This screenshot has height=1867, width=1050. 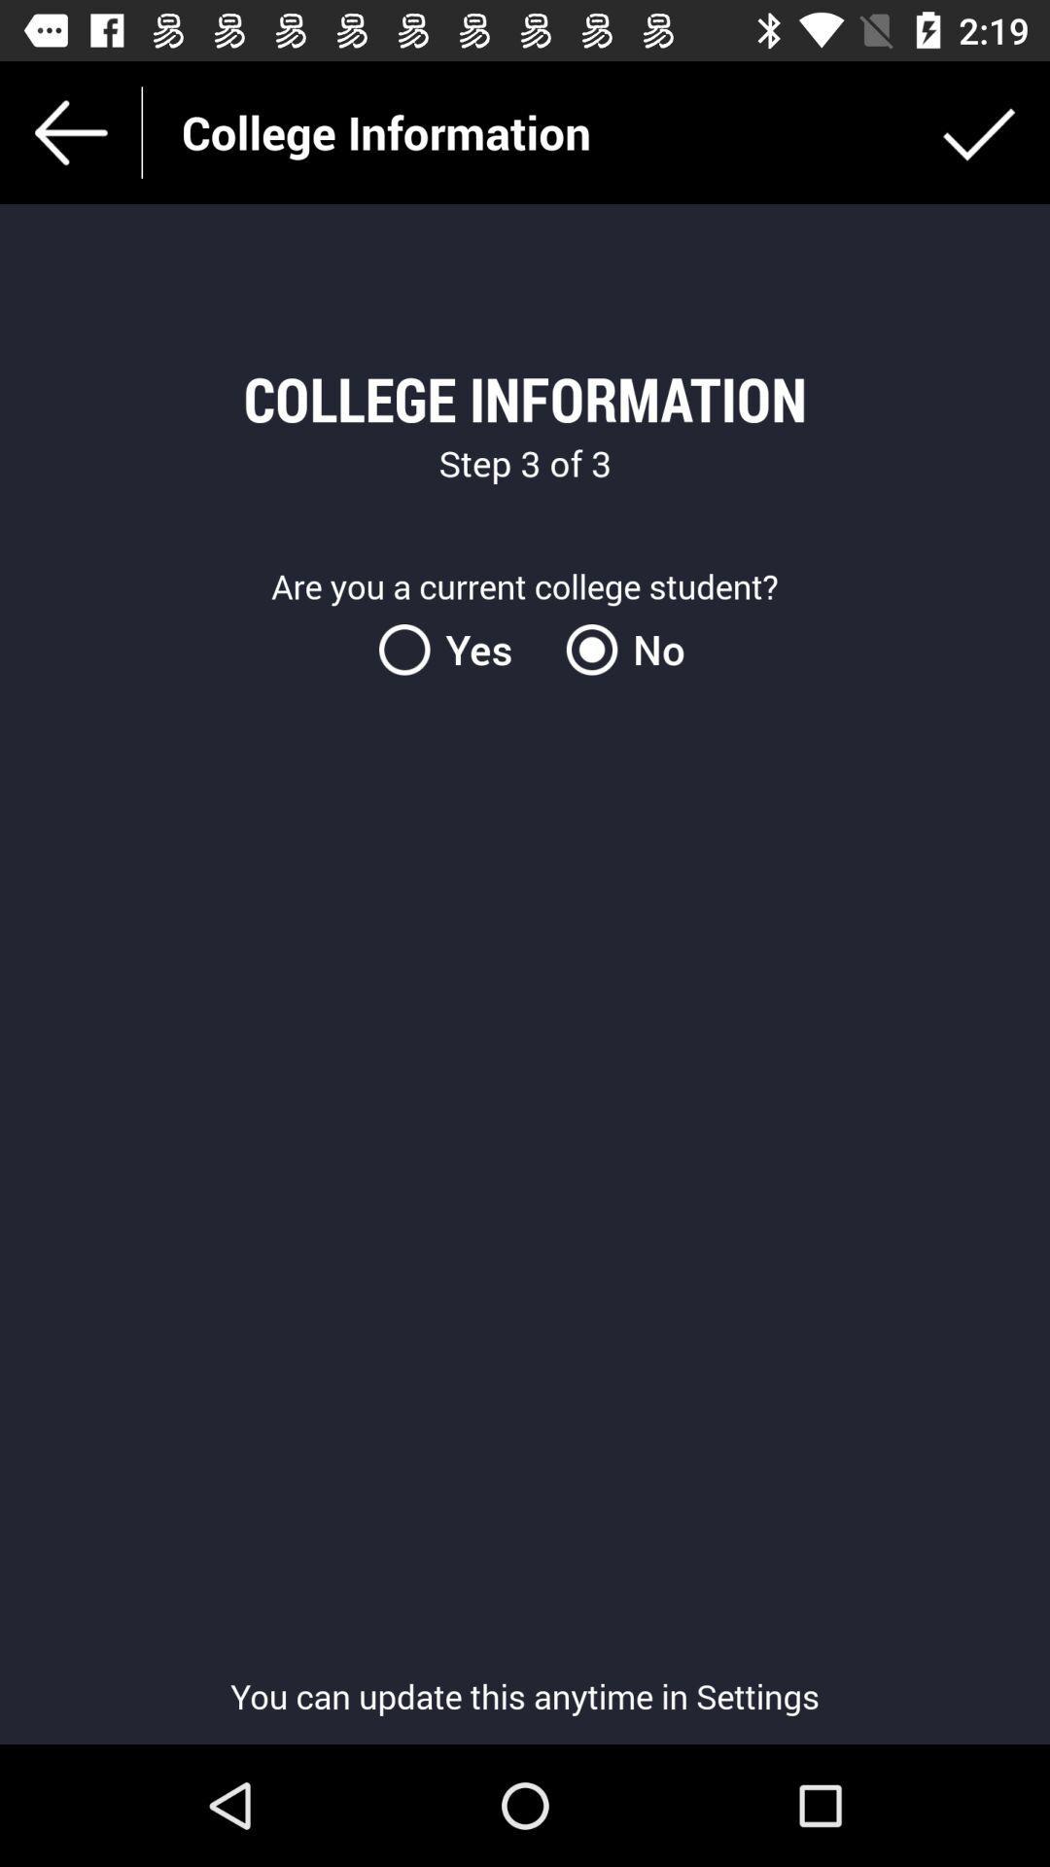 I want to click on item above college information icon, so click(x=978, y=131).